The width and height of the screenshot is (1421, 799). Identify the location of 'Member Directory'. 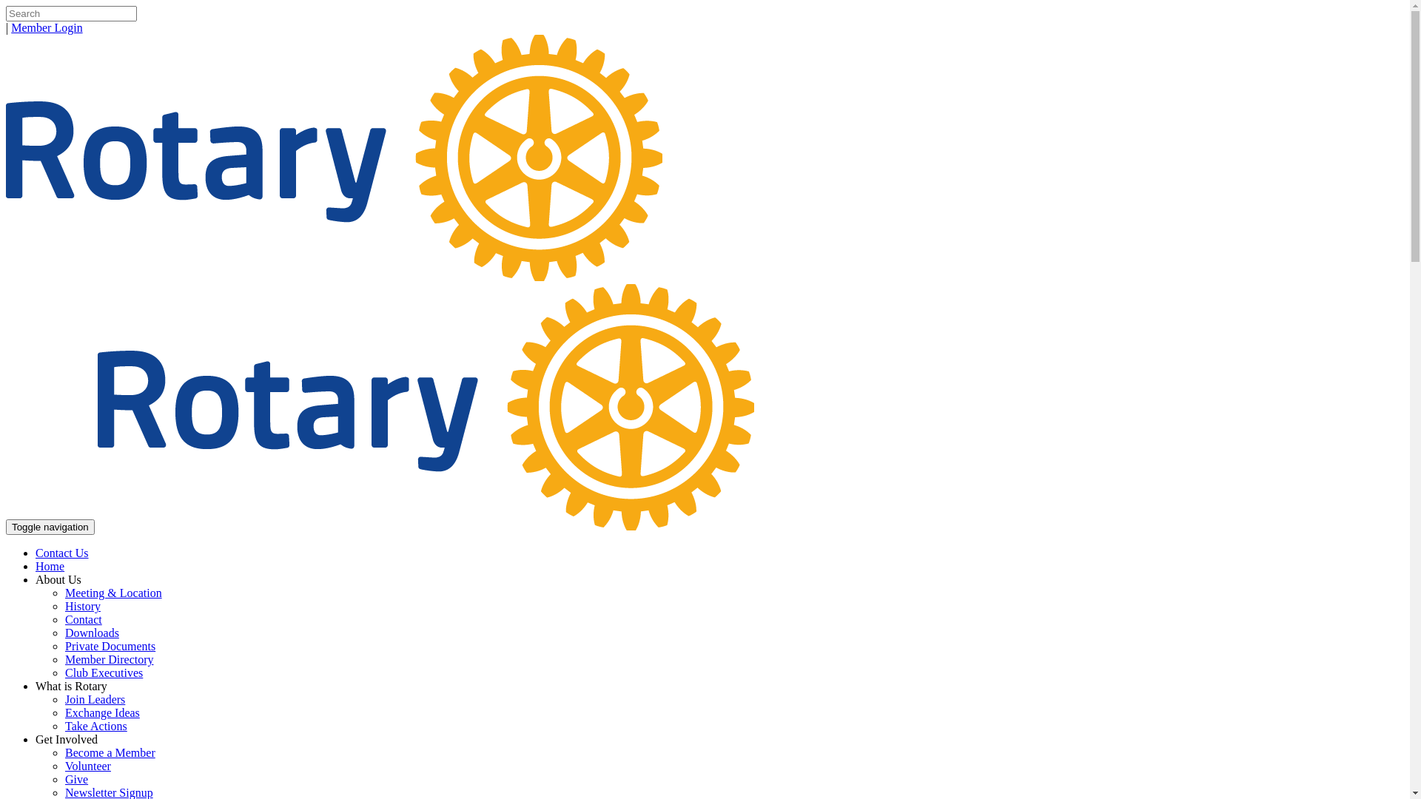
(109, 658).